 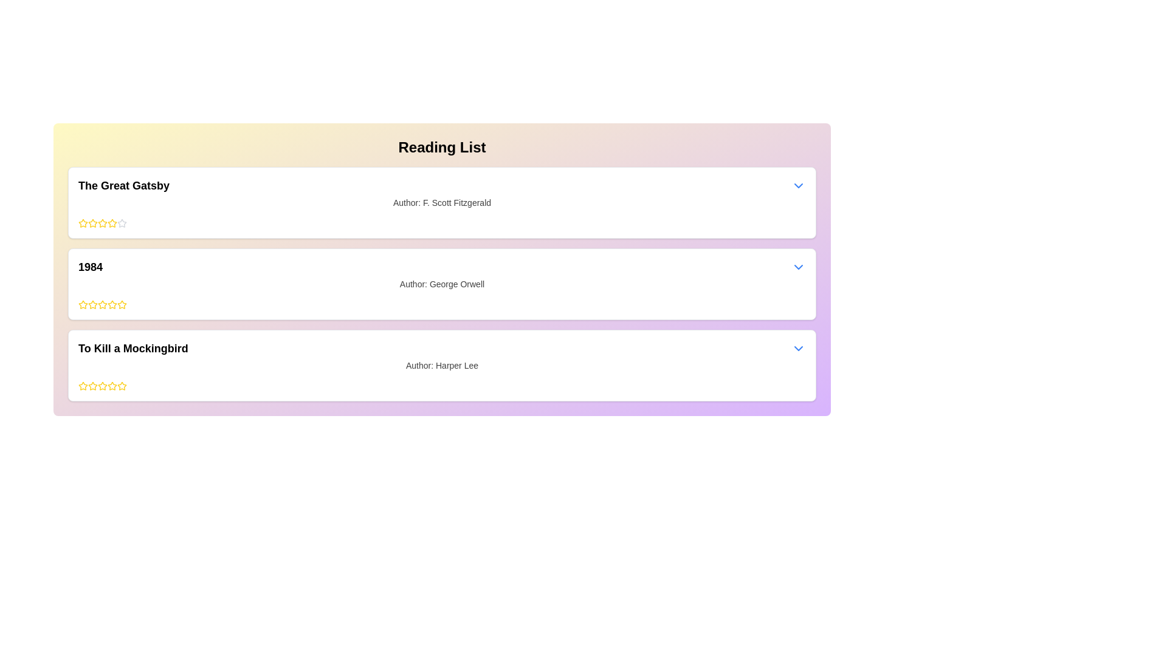 What do you see at coordinates (92, 386) in the screenshot?
I see `the yellow star icon with a hollow center, which is the first star in the rating row for the book 'To Kill a Mockingbird', to set or change the rating` at bounding box center [92, 386].